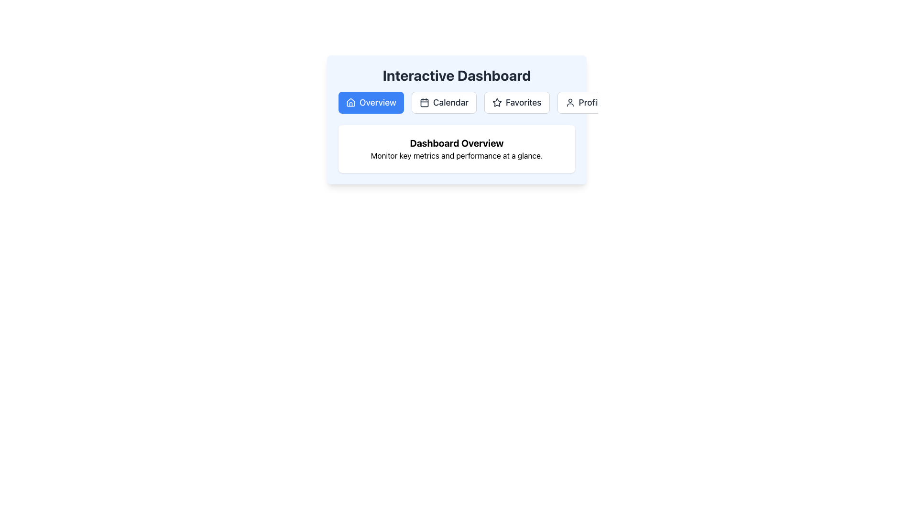 The image size is (918, 516). I want to click on the house-shaped icon located in the top-left navigation bar, specifically within the 'Overview' button section, which features rounded corners and a simple geometric outline style, so click(350, 102).